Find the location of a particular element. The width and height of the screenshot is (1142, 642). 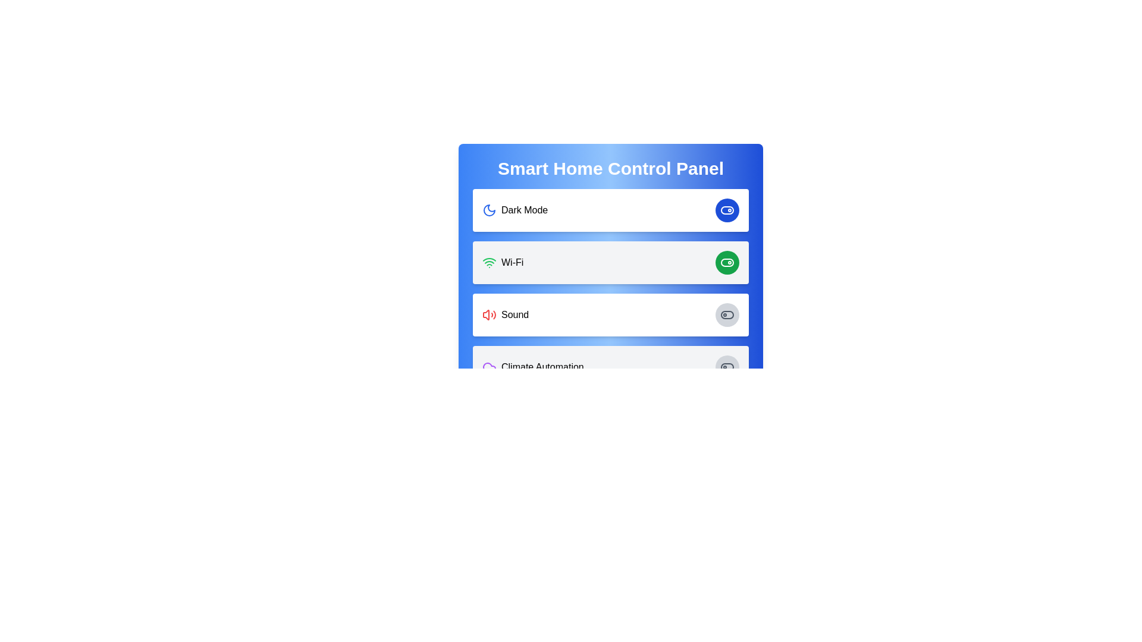

the blue oval background shape of the 'Dark Mode' toggle control in the smart home control panel interface is located at coordinates (727, 210).